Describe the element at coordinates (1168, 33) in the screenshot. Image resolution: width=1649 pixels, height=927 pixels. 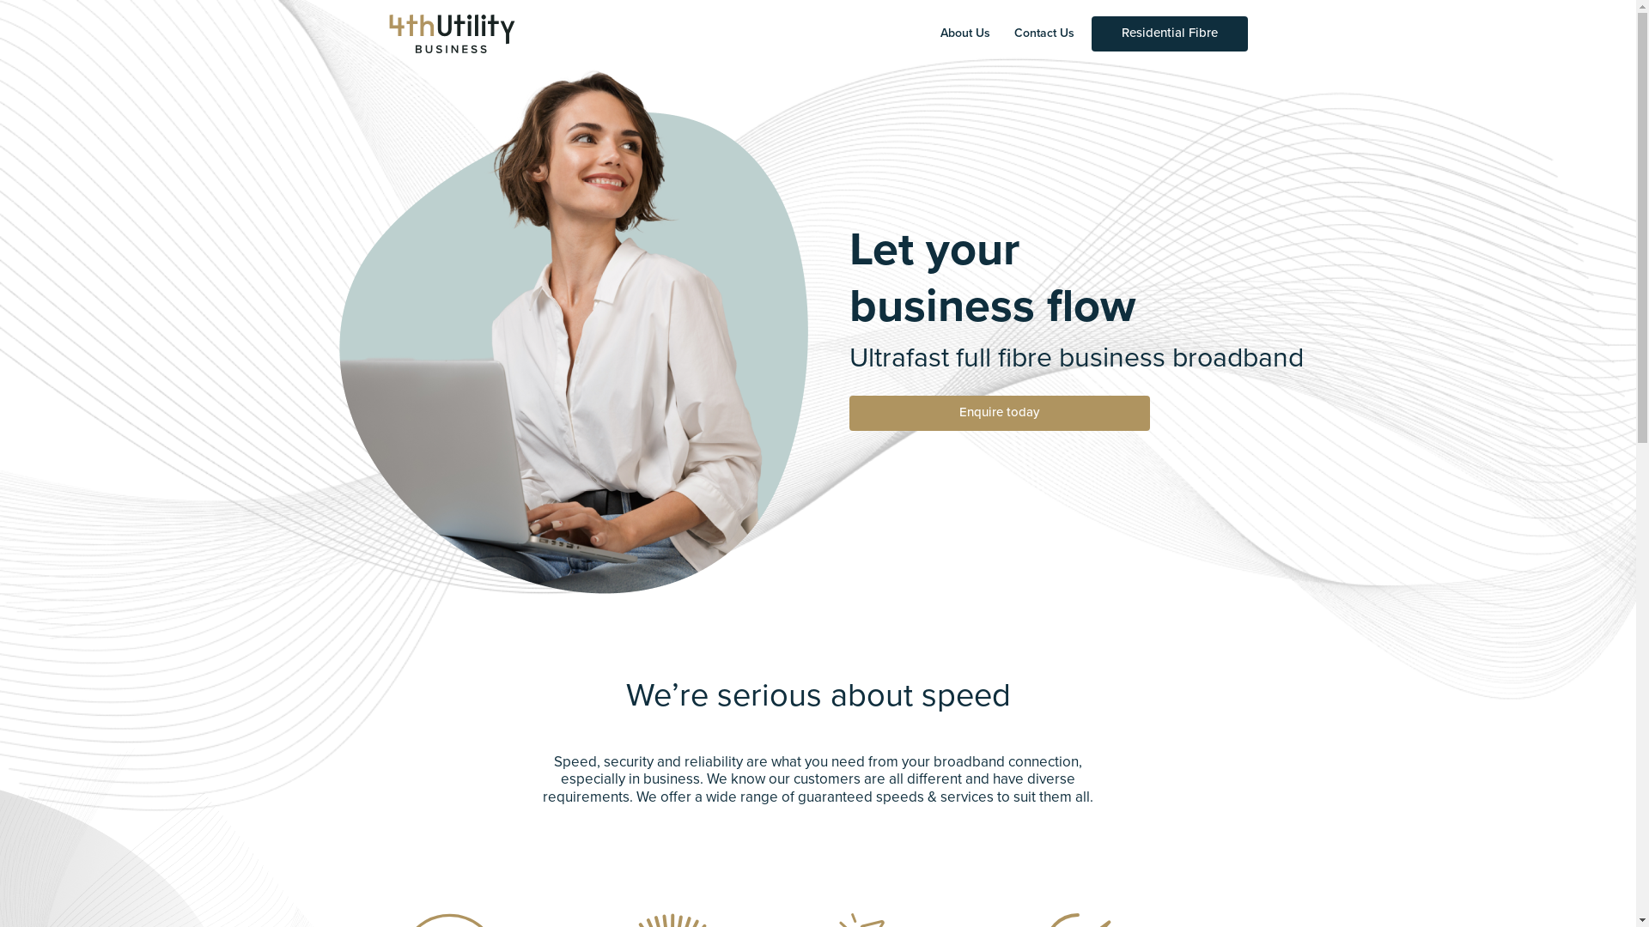
I see `'Residential Fibre'` at that location.